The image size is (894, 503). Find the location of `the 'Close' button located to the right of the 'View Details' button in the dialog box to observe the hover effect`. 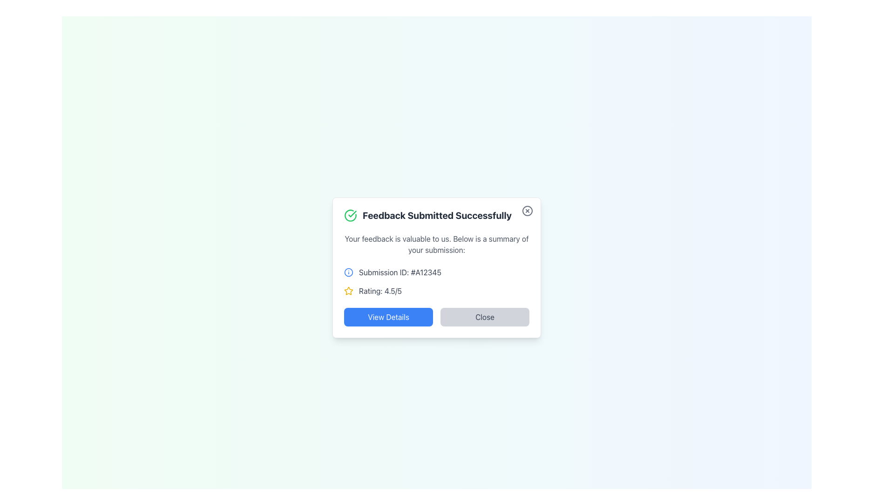

the 'Close' button located to the right of the 'View Details' button in the dialog box to observe the hover effect is located at coordinates (484, 317).